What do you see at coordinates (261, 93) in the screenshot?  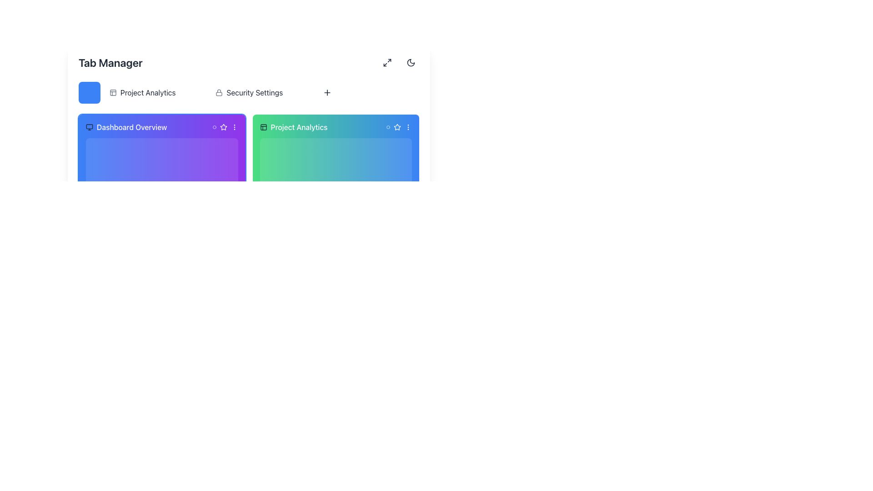 I see `the second button in the horizontal navigation list that leads to the security settings of the application` at bounding box center [261, 93].